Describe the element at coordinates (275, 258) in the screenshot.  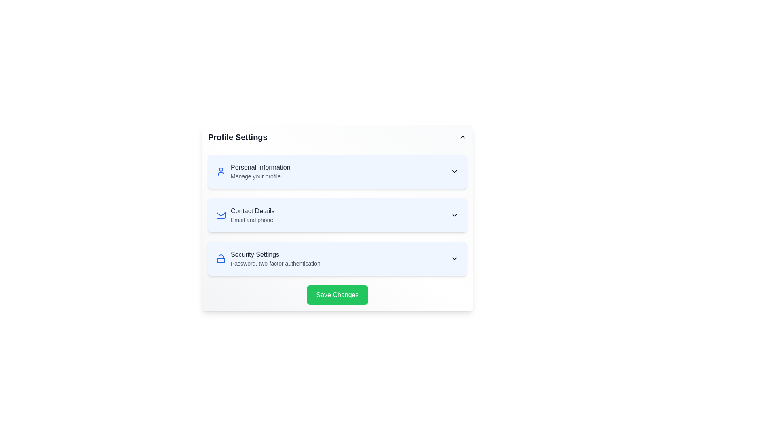
I see `text of the label group that describes the security-related settings for managing passwords and two-factor authentication options, located in the Profile Settings section` at that location.